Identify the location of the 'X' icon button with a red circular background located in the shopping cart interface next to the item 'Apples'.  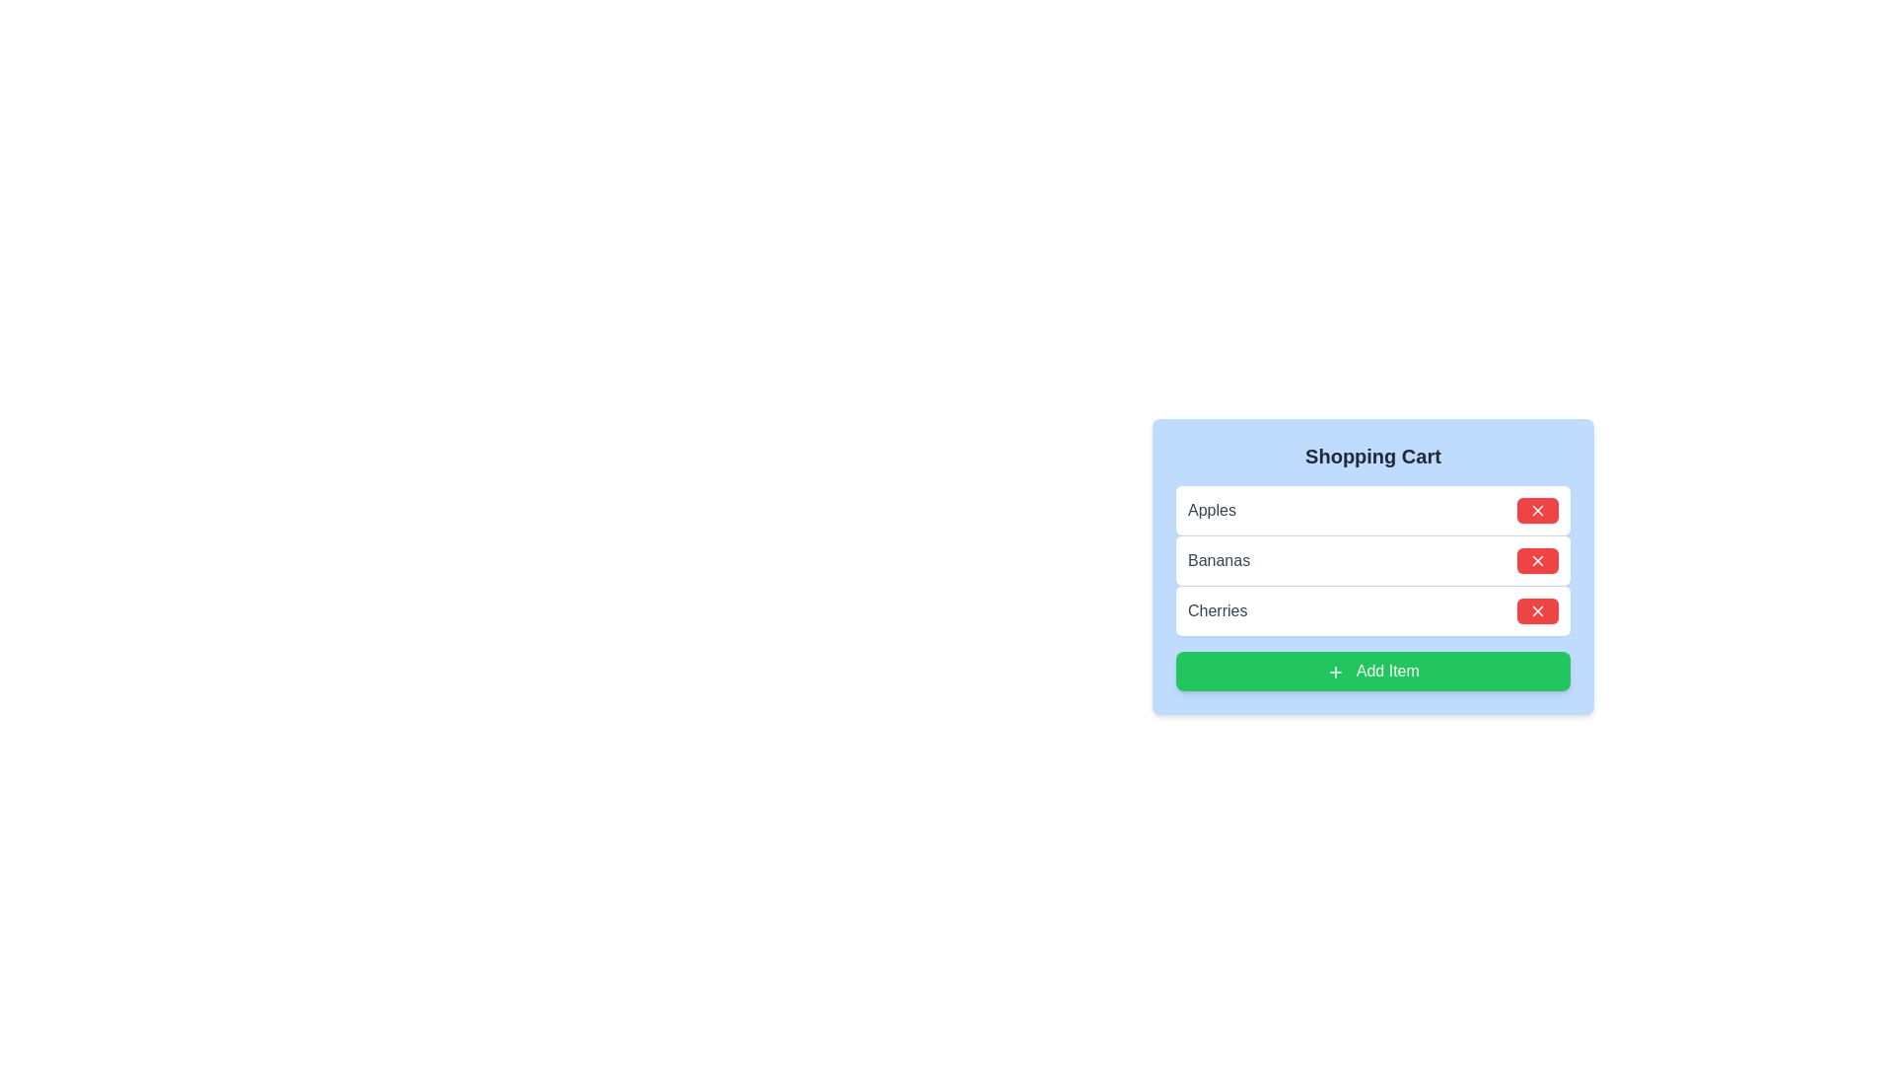
(1537, 509).